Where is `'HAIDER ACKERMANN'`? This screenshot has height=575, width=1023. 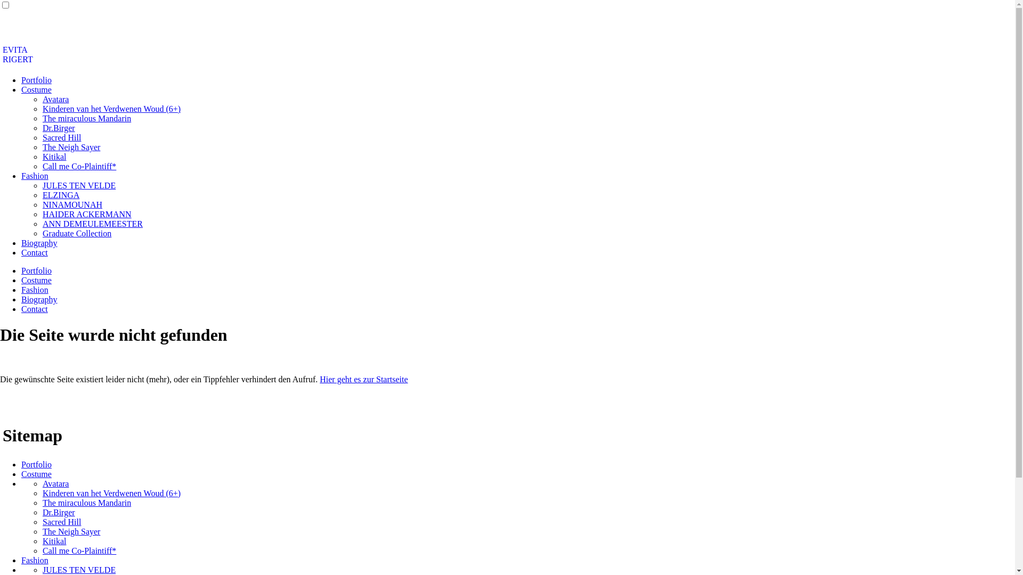
'HAIDER ACKERMANN' is located at coordinates (87, 214).